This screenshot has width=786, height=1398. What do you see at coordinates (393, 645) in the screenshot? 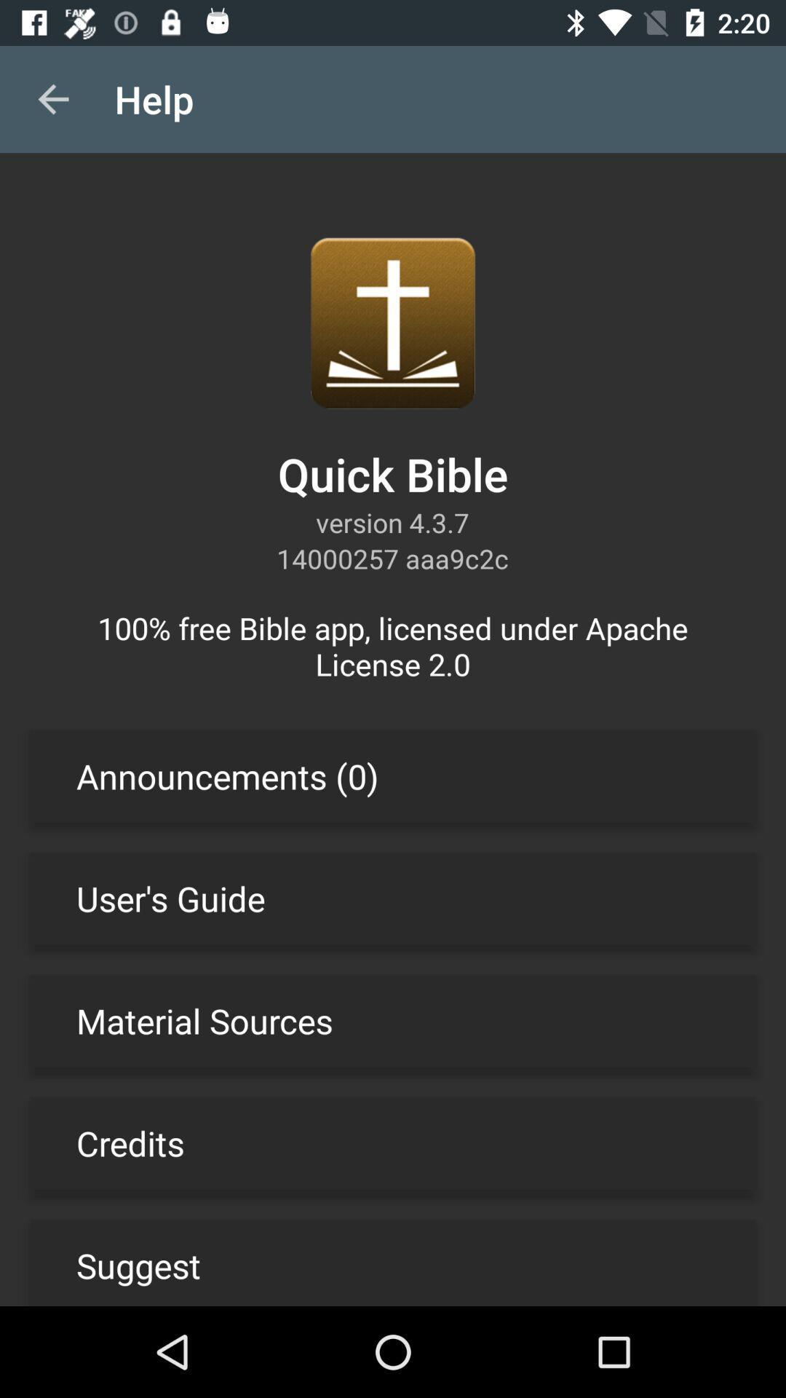
I see `the 100 free bible item` at bounding box center [393, 645].